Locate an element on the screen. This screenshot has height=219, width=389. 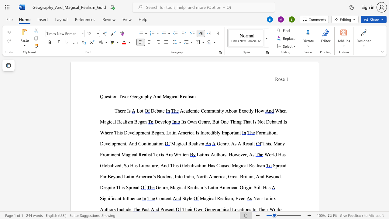
the 2th character "i" in the text is located at coordinates (198, 144).